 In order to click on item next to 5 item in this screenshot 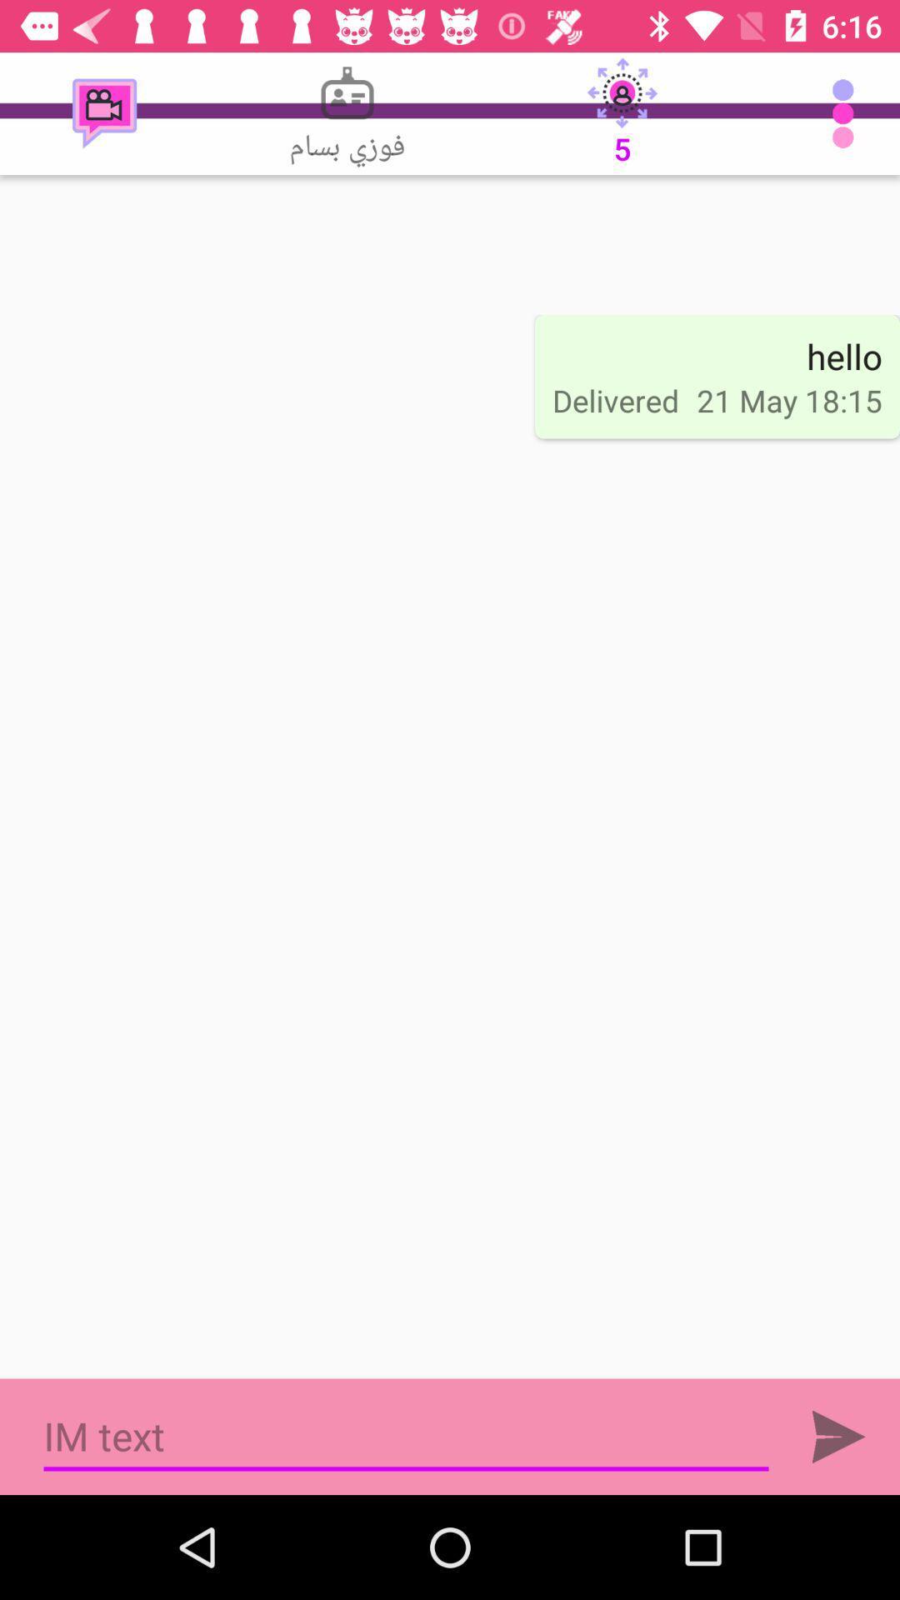, I will do `click(847, 112)`.